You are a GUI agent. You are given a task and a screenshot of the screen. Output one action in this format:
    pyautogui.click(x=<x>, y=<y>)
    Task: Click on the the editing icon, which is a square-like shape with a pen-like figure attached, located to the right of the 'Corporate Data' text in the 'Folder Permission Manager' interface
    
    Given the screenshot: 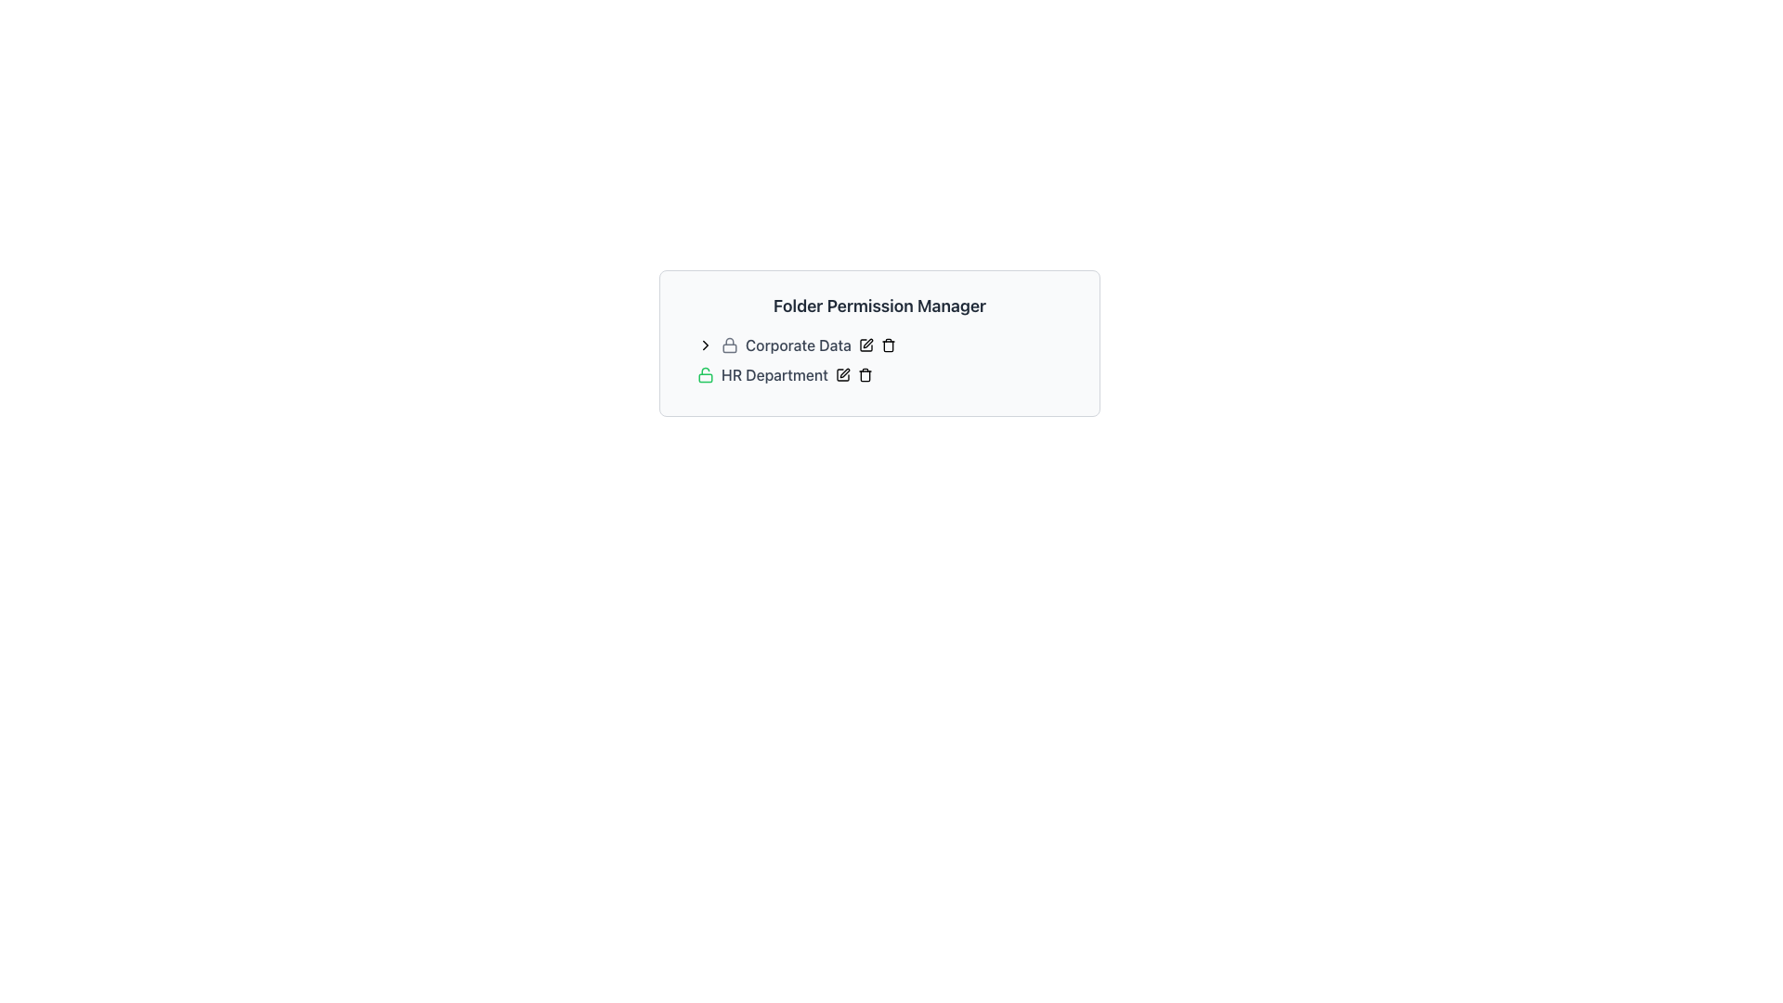 What is the action you would take?
    pyautogui.click(x=865, y=345)
    